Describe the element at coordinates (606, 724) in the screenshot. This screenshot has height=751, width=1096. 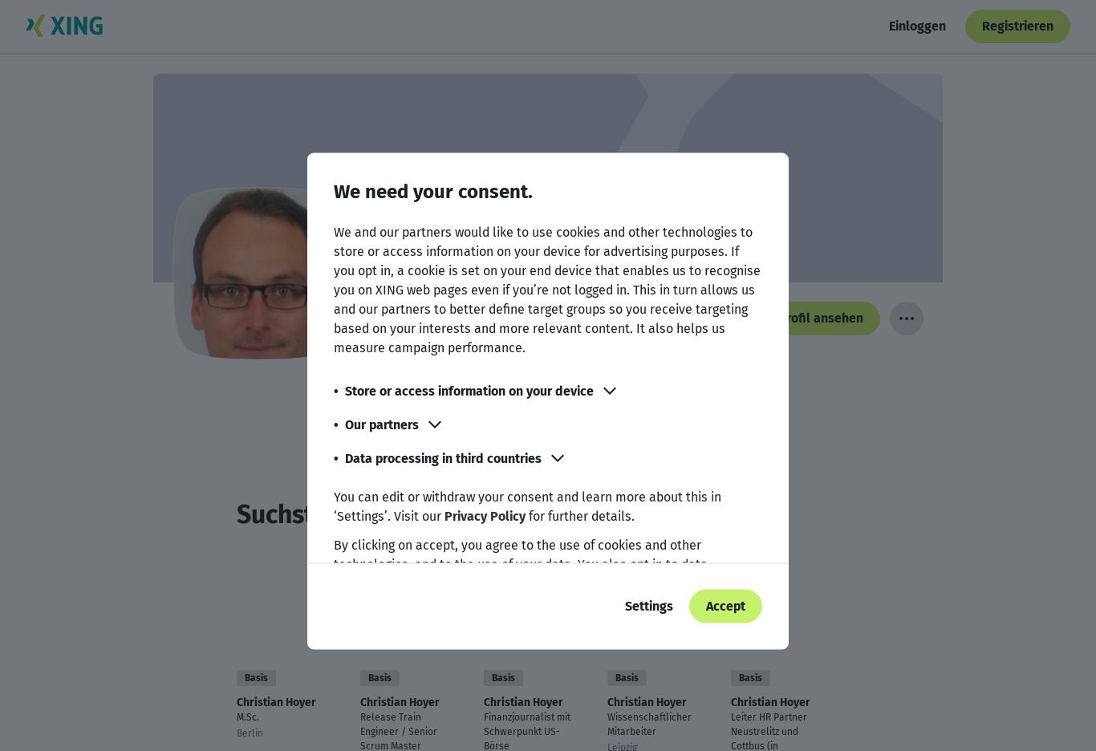
I see `'Wissenschaftlicher Mitarbeiter'` at that location.